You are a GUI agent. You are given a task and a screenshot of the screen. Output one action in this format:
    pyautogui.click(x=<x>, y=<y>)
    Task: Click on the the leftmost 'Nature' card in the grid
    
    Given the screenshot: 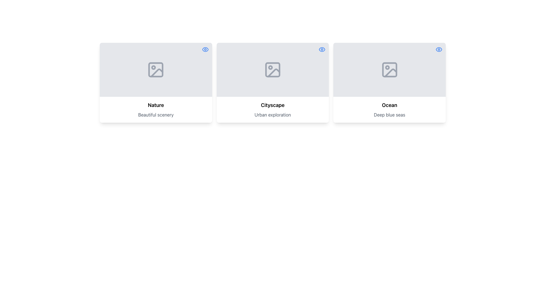 What is the action you would take?
    pyautogui.click(x=156, y=82)
    